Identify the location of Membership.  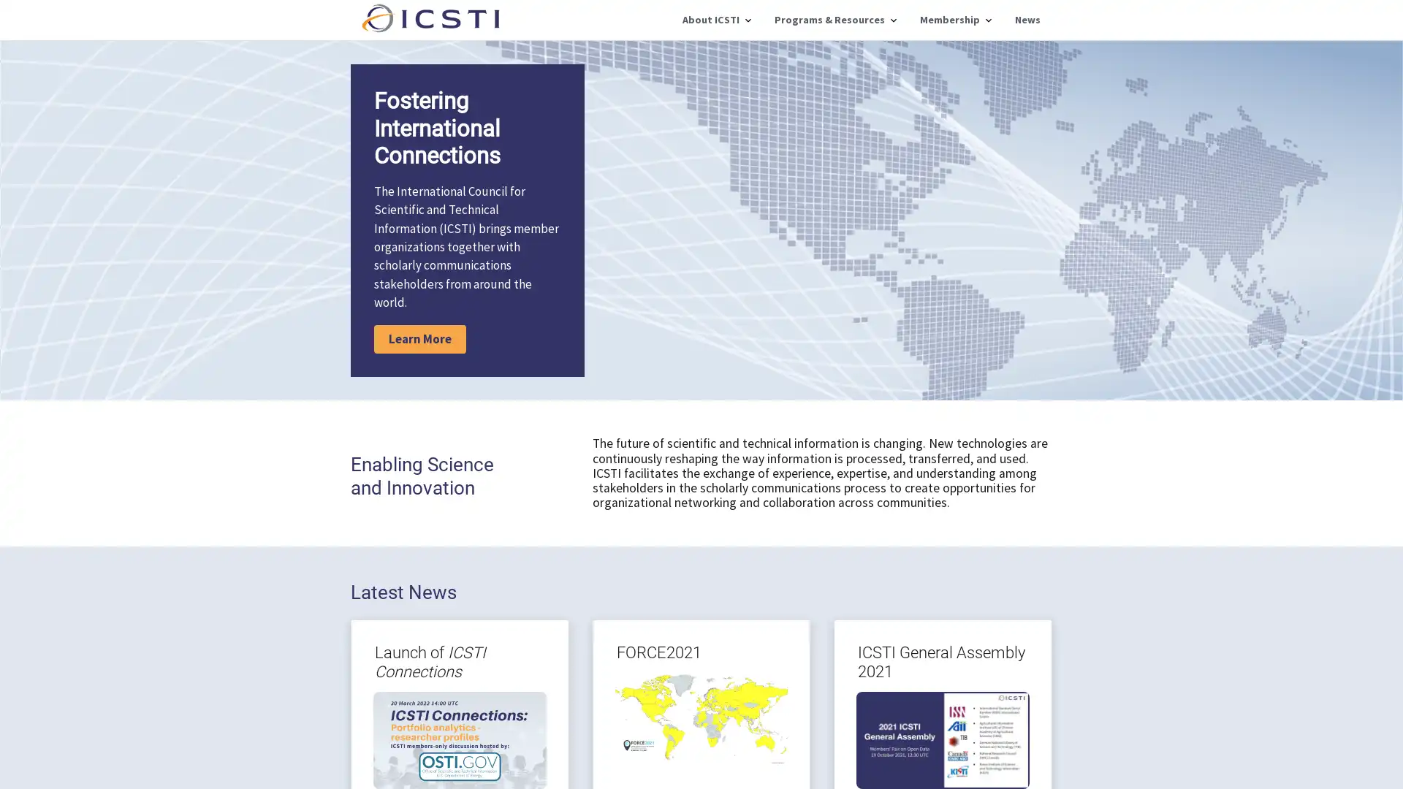
(955, 20).